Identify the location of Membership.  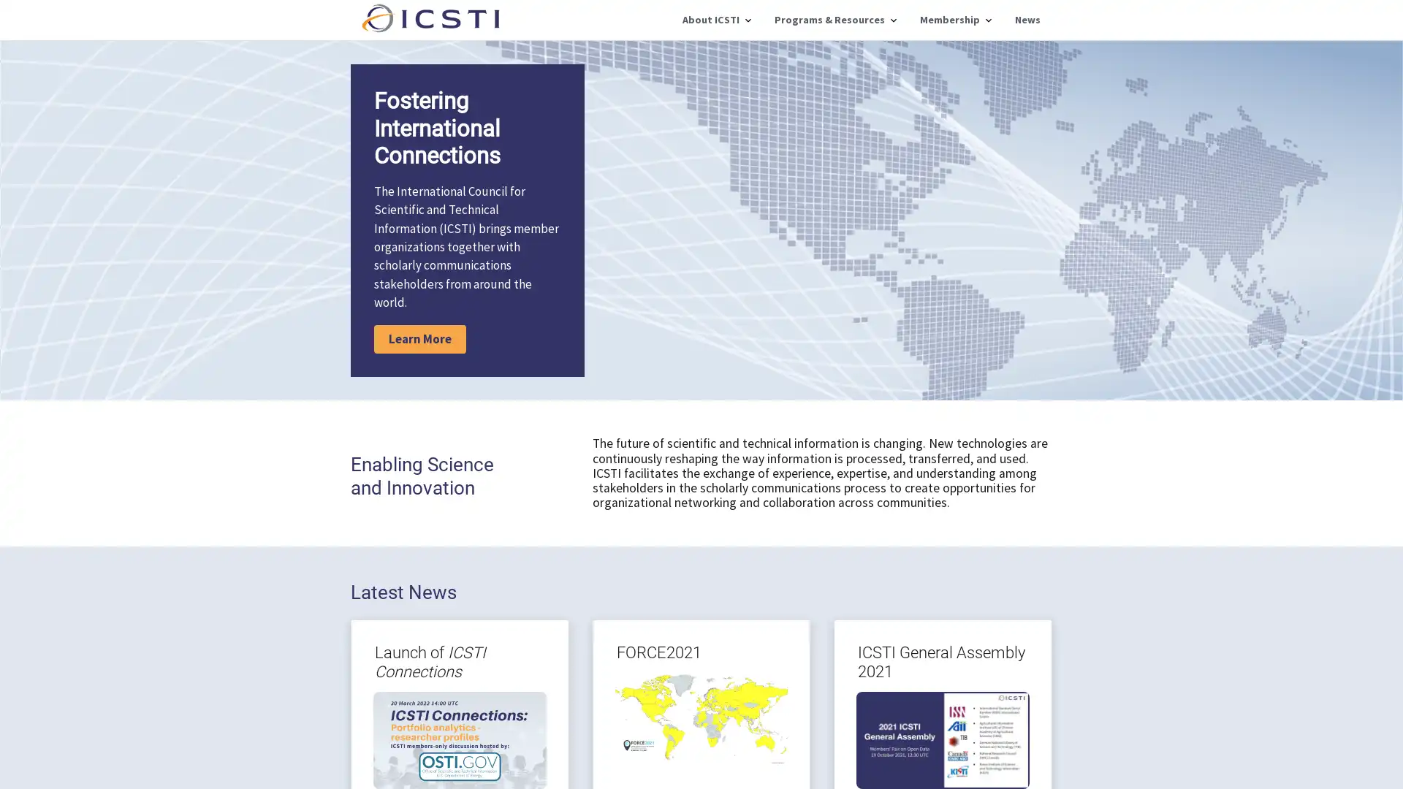
(955, 20).